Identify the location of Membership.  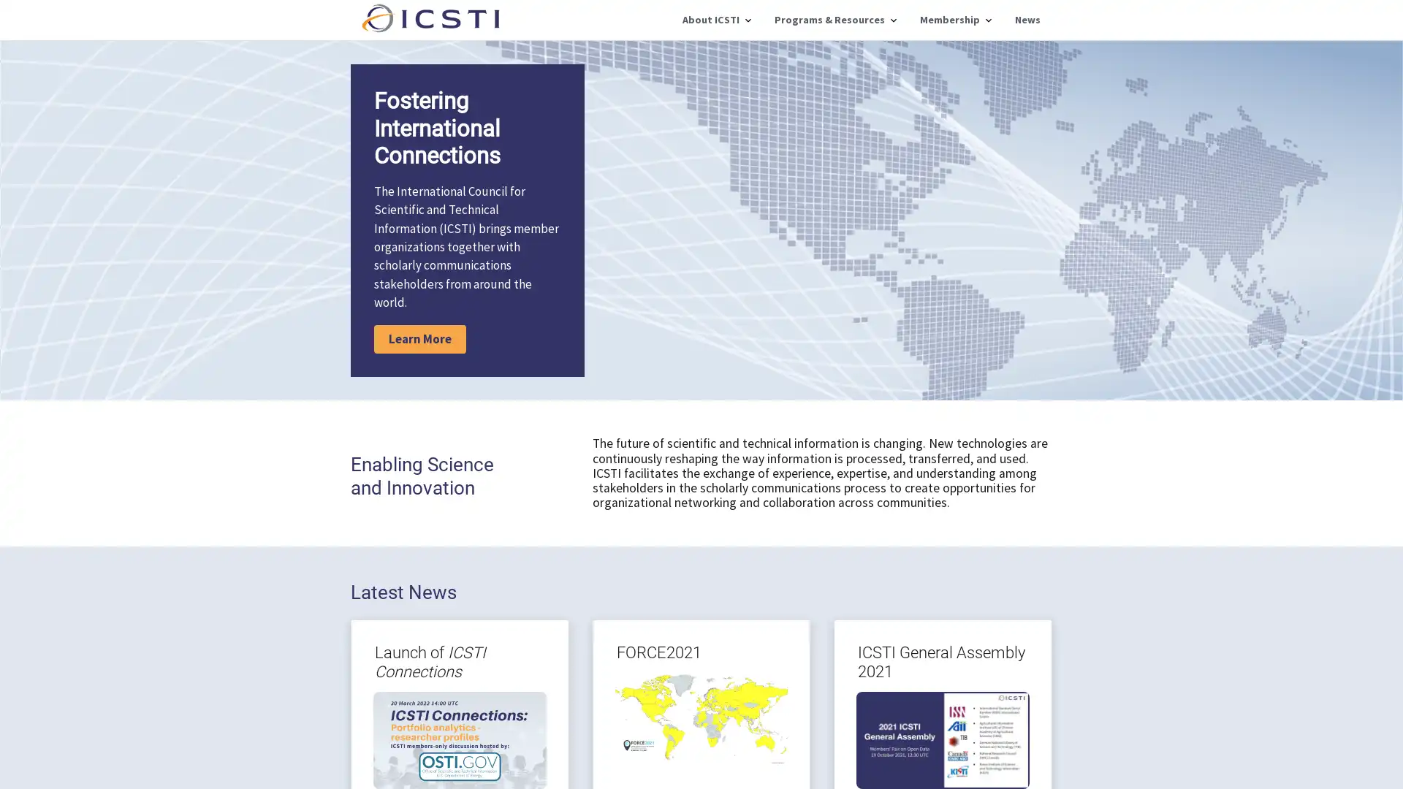
(955, 20).